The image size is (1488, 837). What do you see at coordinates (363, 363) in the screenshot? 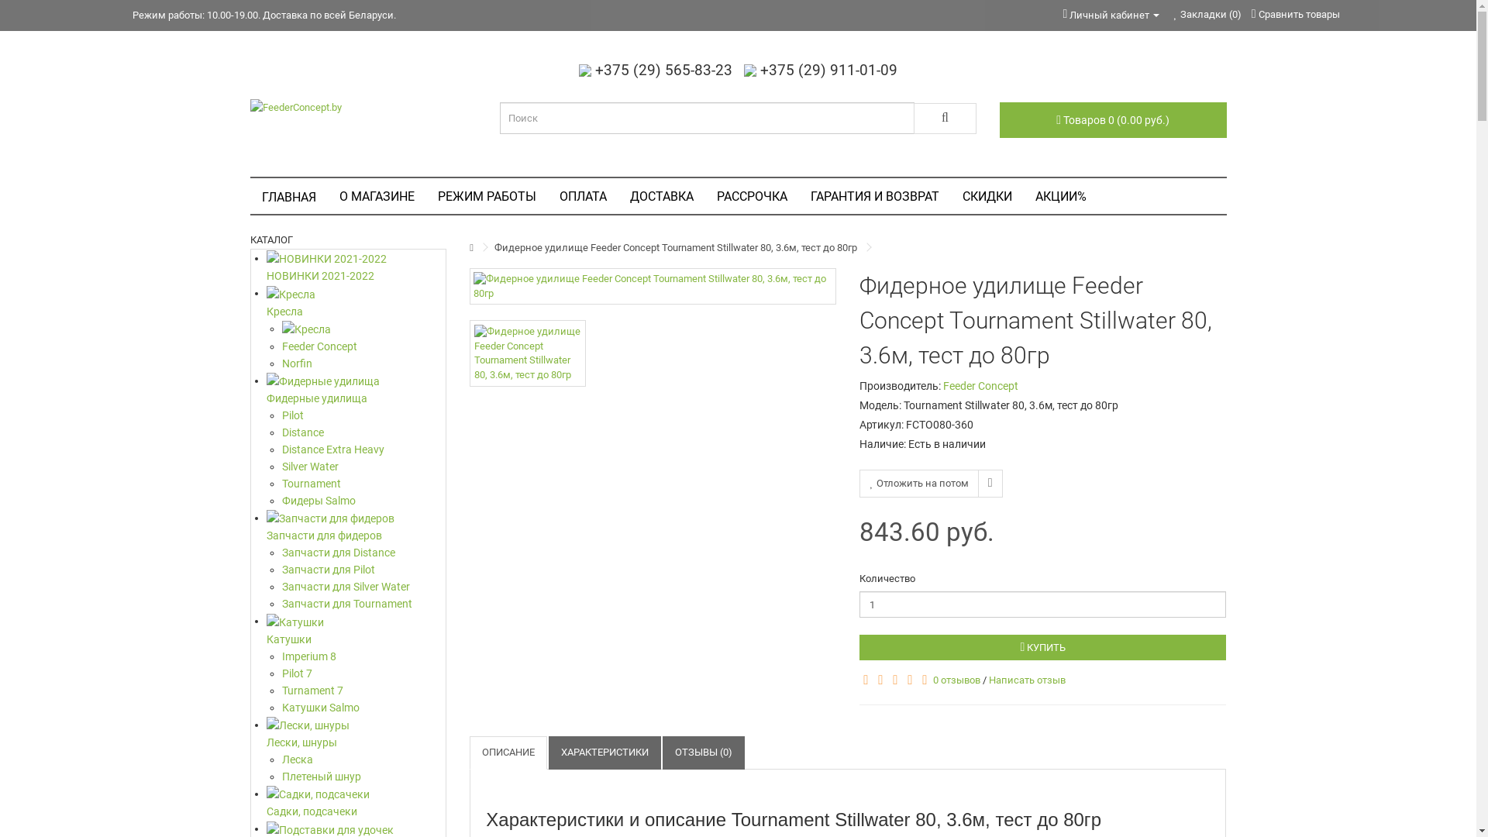
I see `'Norfin'` at bounding box center [363, 363].